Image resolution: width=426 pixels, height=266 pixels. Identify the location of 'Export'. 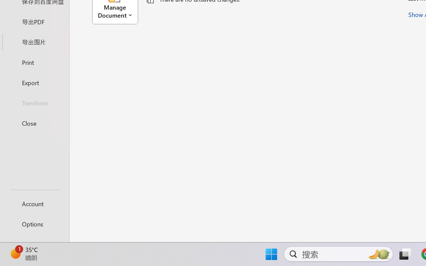
(34, 82).